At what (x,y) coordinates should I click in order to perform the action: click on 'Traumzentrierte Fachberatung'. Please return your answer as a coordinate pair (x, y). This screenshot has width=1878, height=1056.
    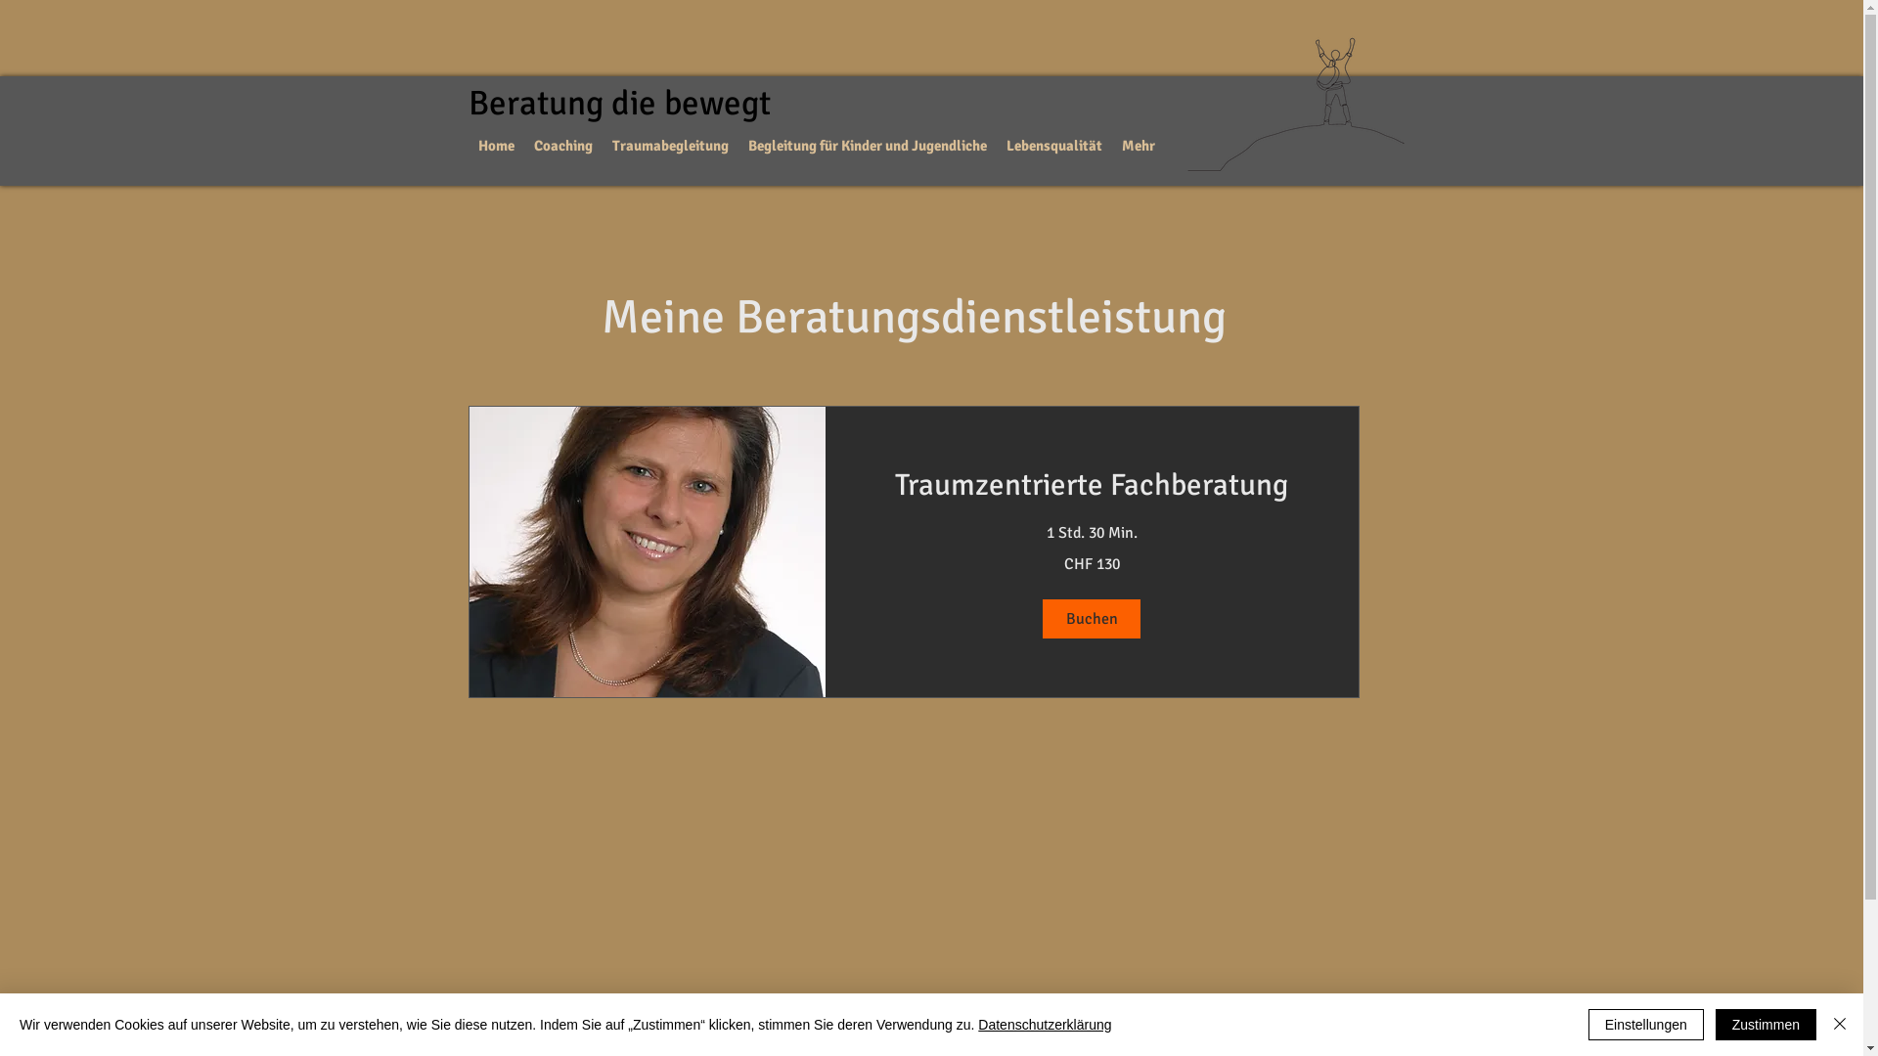
    Looking at the image, I should click on (1090, 484).